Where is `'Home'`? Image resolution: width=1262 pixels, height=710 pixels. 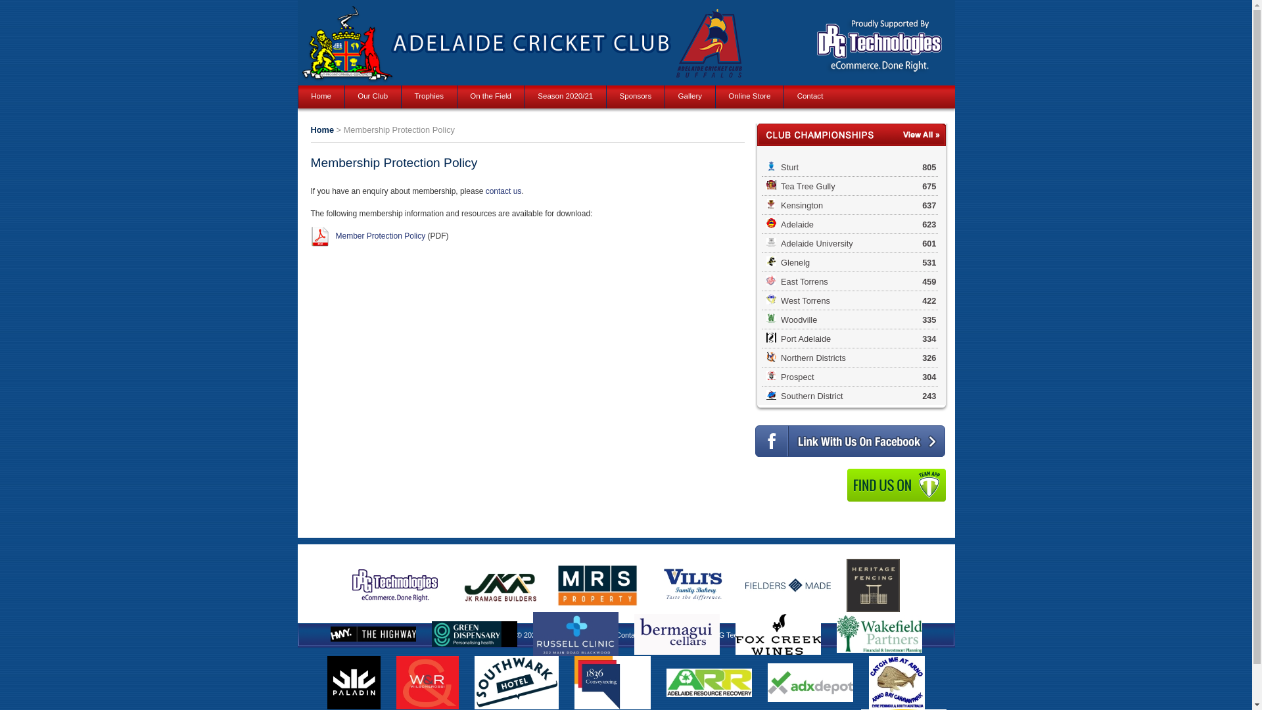
'Home' is located at coordinates (321, 95).